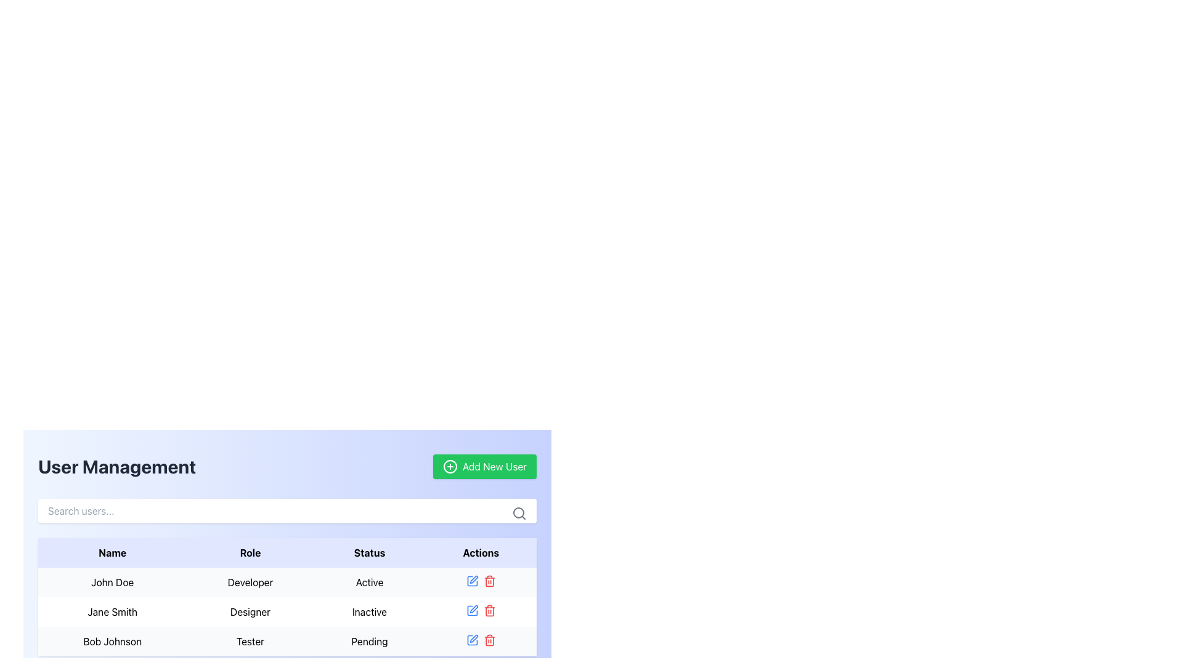  I want to click on the bold text label displaying 'Actions' located at the top-right corner of the table header row, so click(480, 552).